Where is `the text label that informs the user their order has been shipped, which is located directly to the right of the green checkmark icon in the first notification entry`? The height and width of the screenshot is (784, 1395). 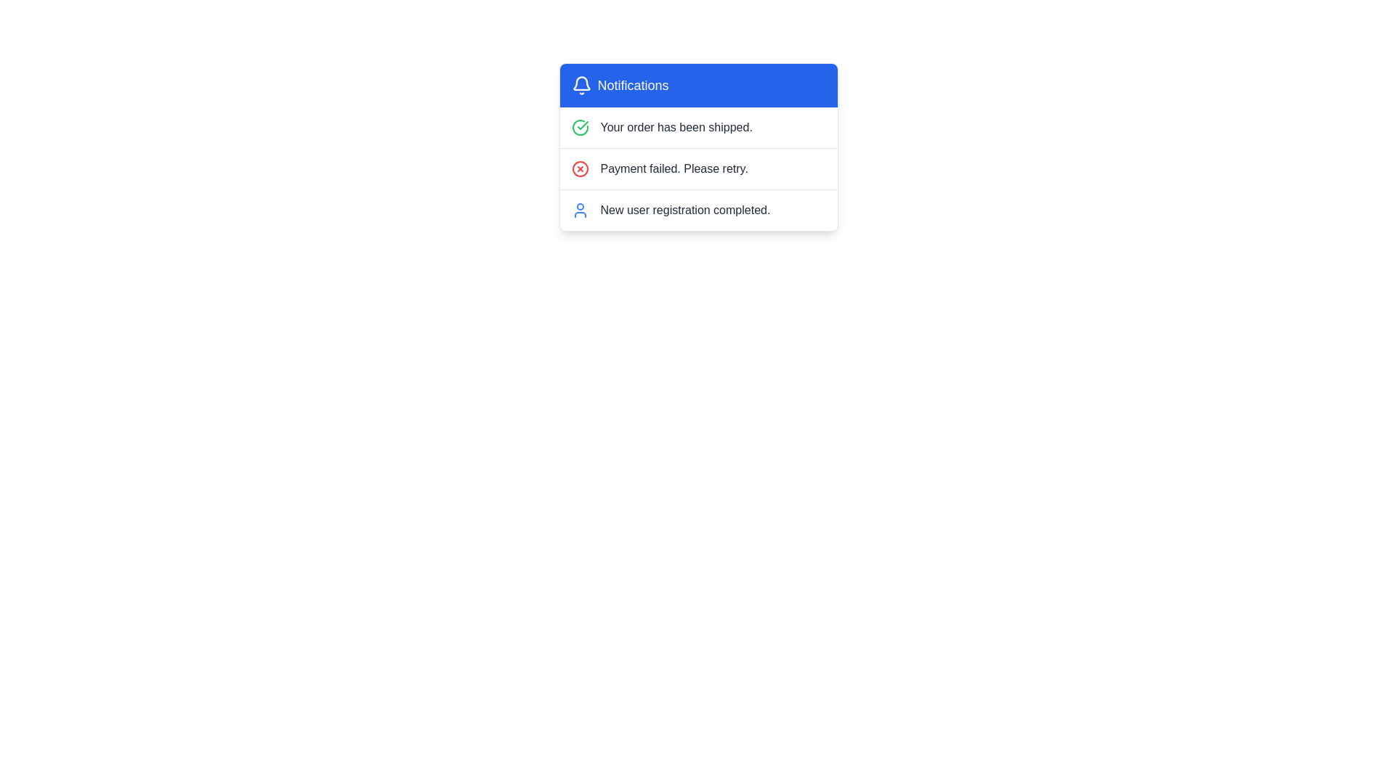 the text label that informs the user their order has been shipped, which is located directly to the right of the green checkmark icon in the first notification entry is located at coordinates (676, 127).